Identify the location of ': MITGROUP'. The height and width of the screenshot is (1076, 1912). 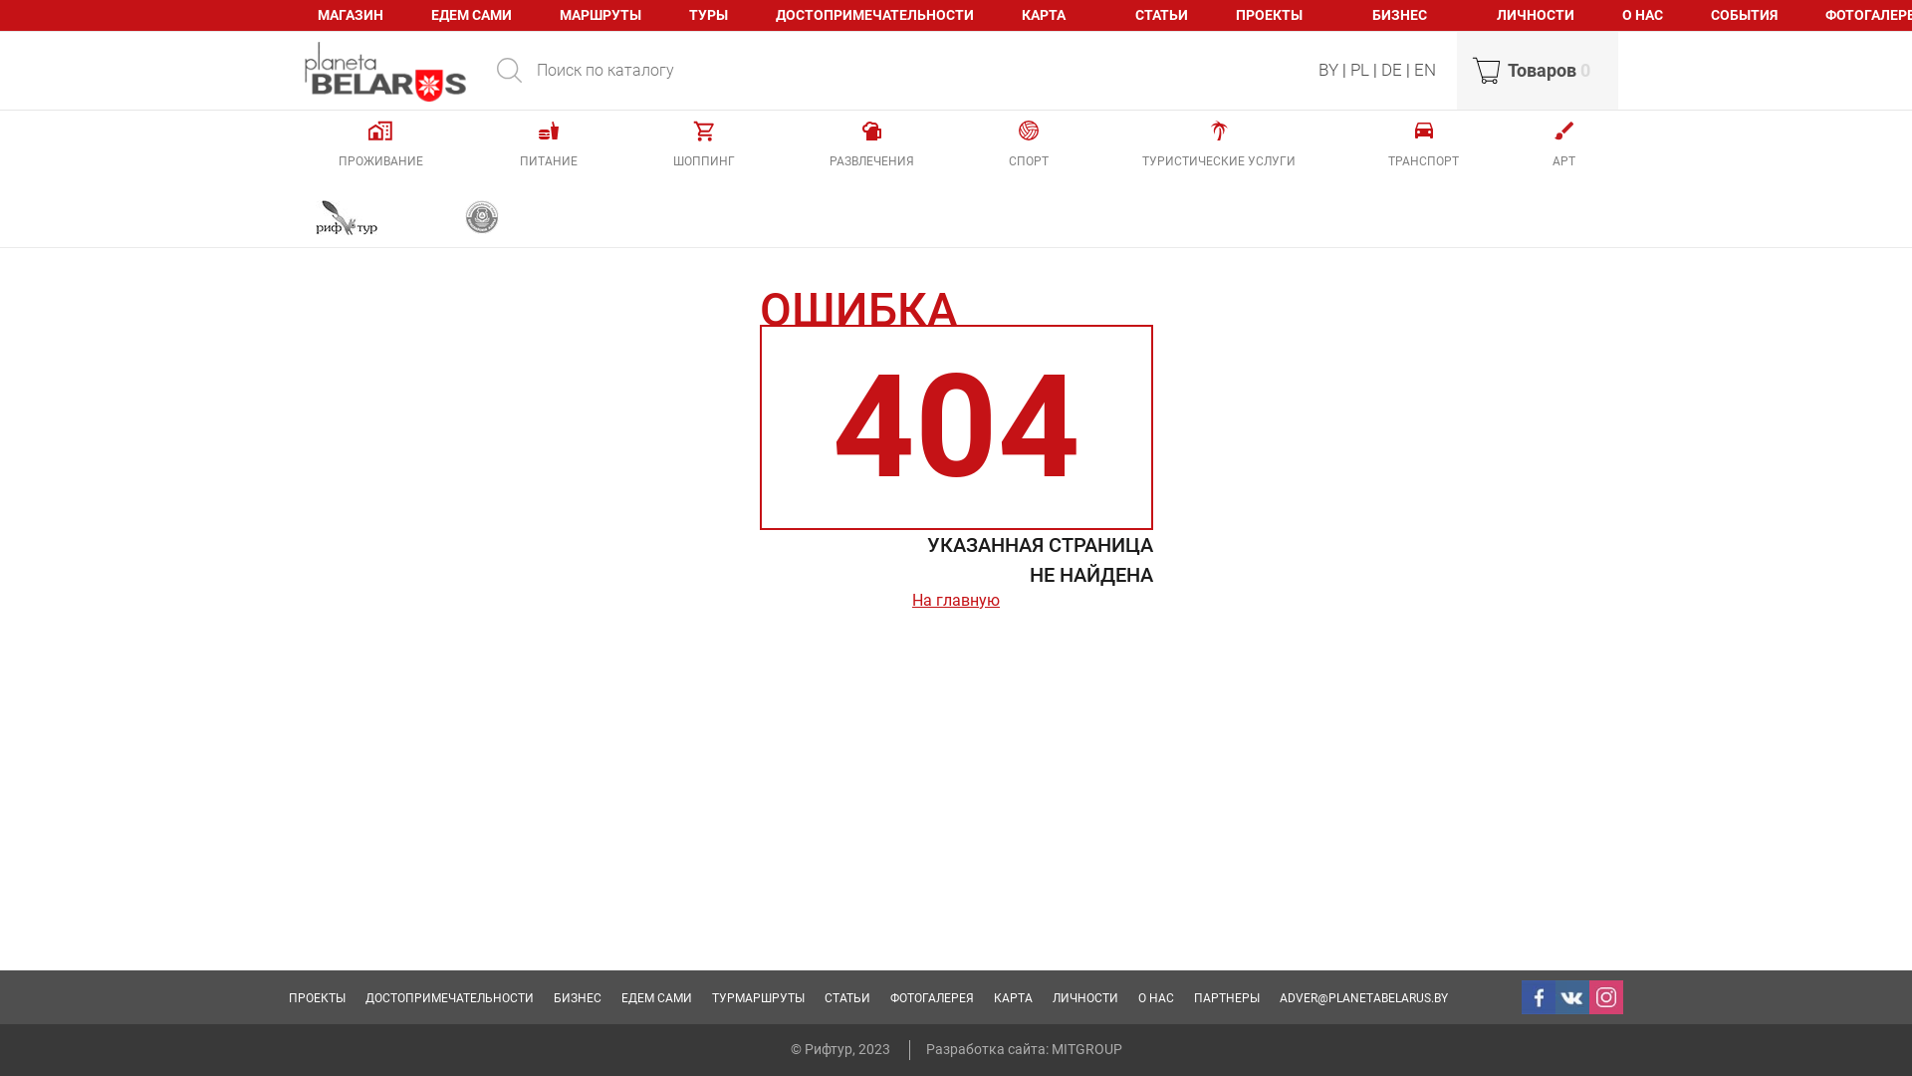
(1082, 1048).